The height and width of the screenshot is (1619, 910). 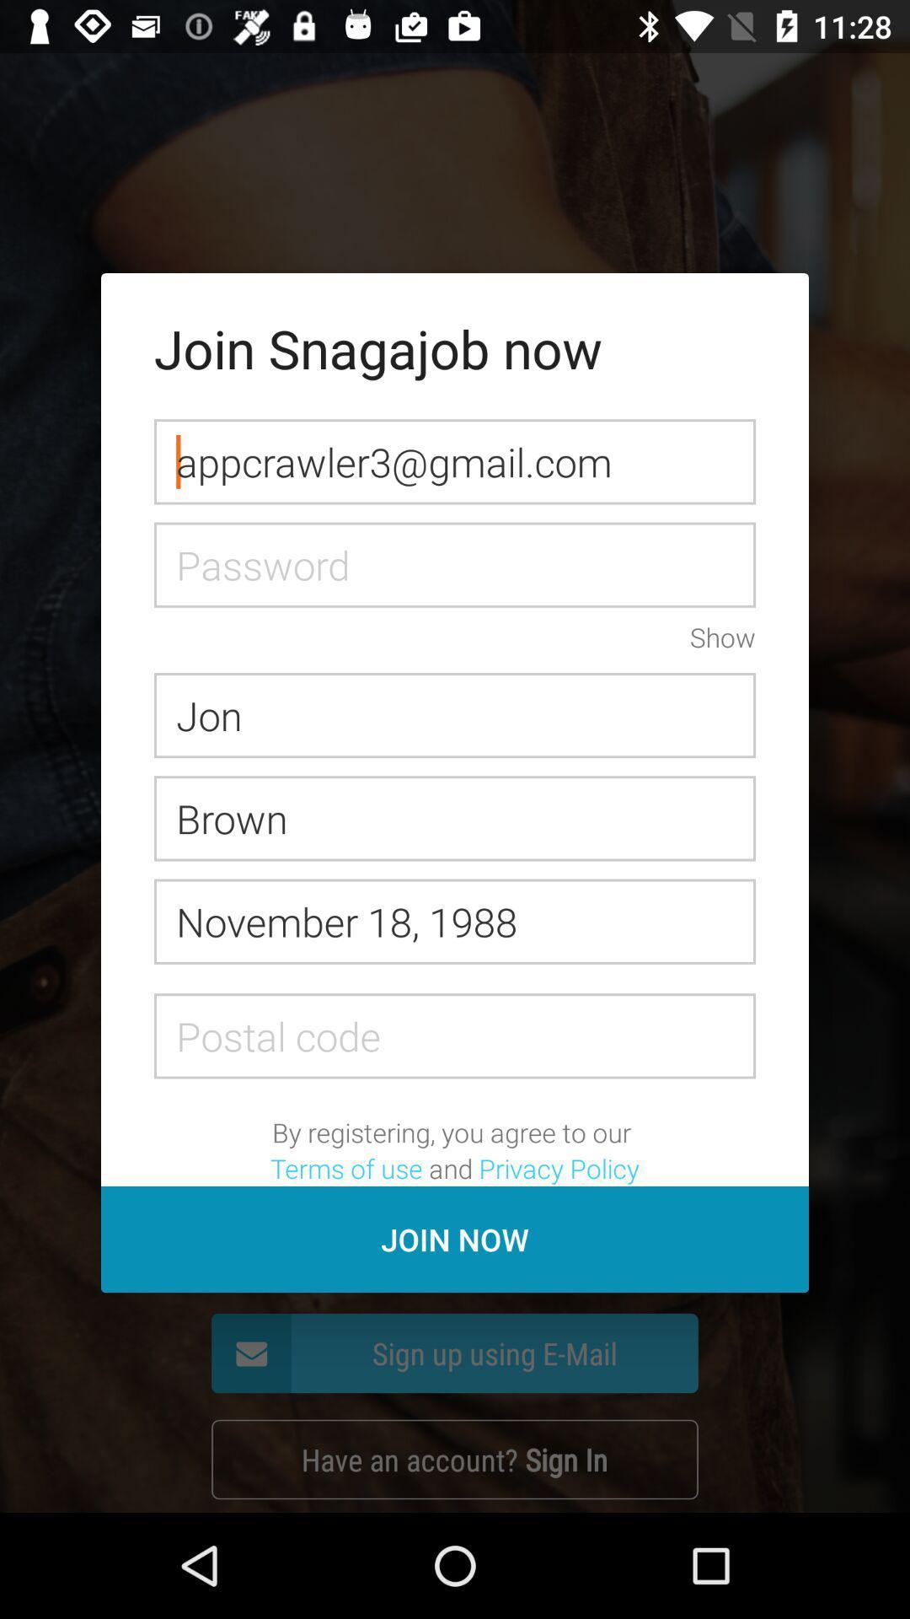 What do you see at coordinates (455, 565) in the screenshot?
I see `open the secret key` at bounding box center [455, 565].